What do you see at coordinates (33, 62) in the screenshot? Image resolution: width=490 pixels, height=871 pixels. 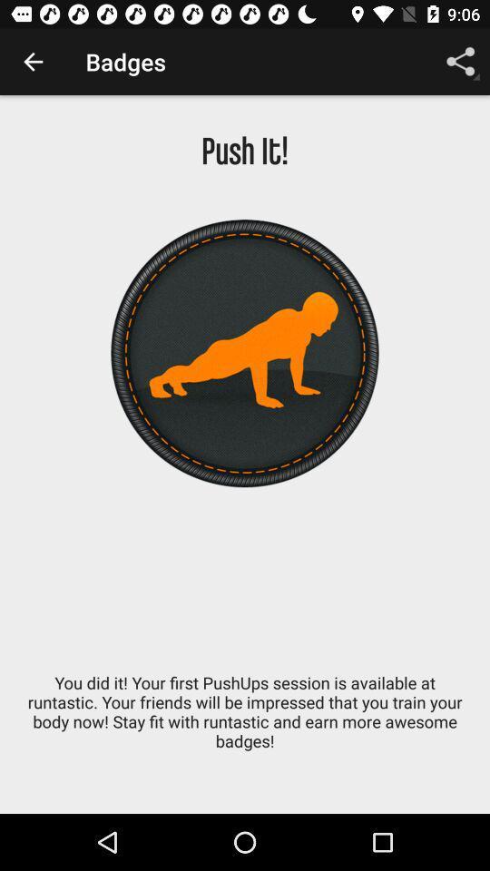 I see `item above push it! item` at bounding box center [33, 62].